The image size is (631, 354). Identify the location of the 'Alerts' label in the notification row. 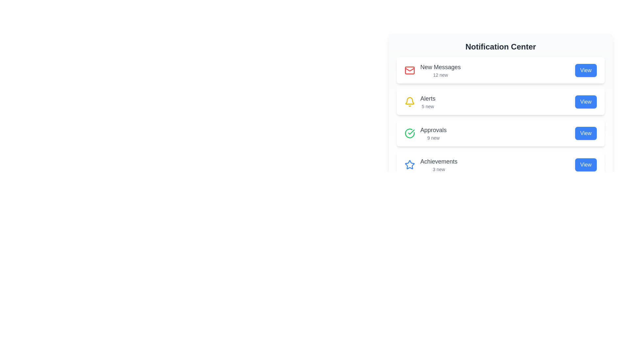
(428, 102).